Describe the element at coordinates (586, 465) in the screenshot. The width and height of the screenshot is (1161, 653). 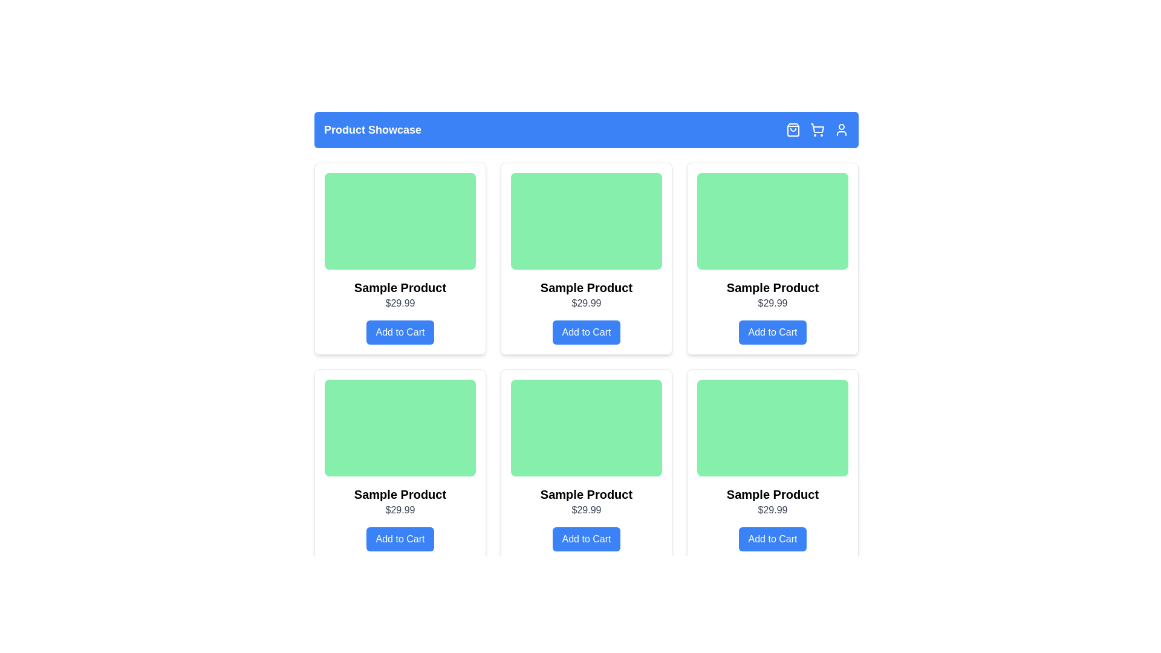
I see `inside the product card located in the second row and third column of the grid layout for selection` at that location.